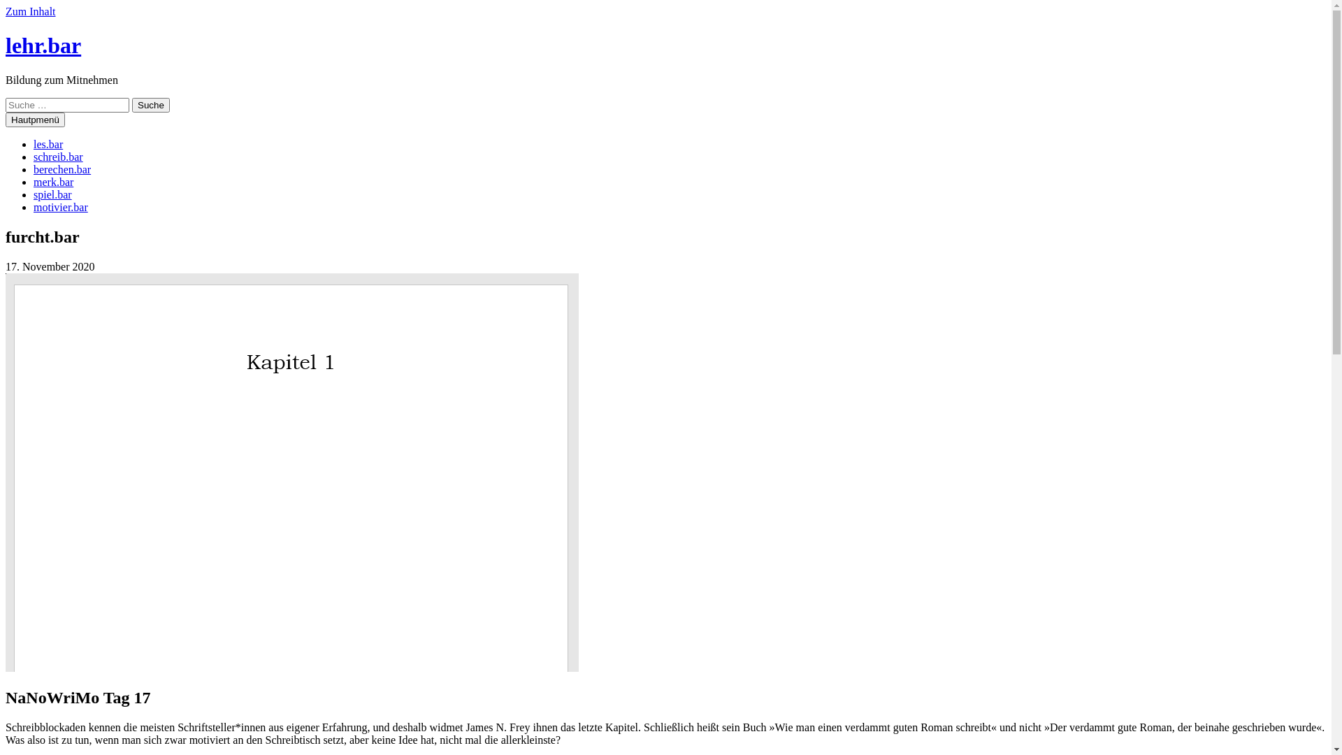 This screenshot has width=1342, height=755. I want to click on 'Zum Inhalt', so click(30, 11).